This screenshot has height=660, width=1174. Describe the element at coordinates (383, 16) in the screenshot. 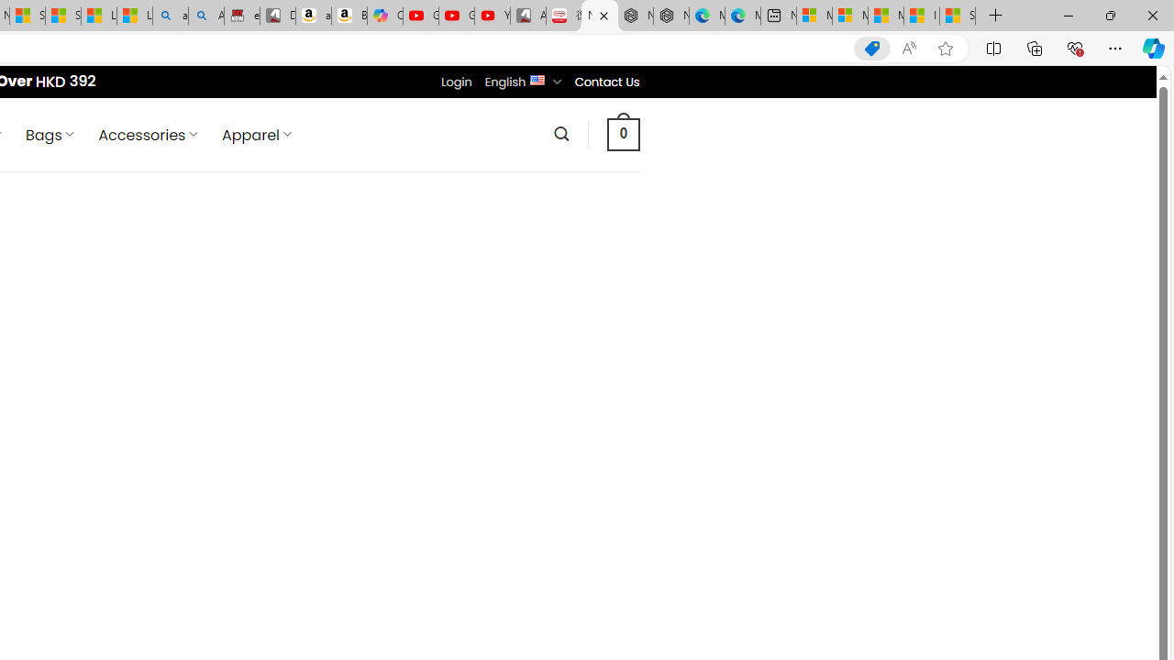

I see `'Copilot'` at that location.